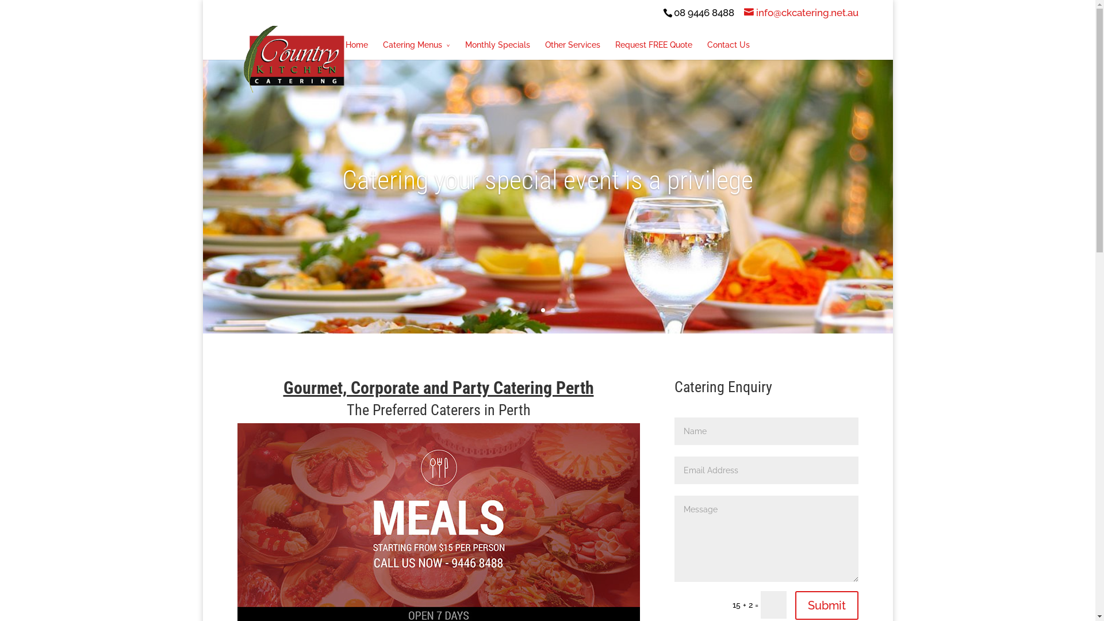 The image size is (1104, 621). I want to click on 'Contact Us', so click(728, 48).